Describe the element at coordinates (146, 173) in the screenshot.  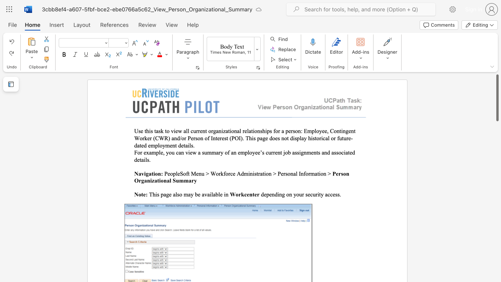
I see `the subset text "gation:" within the text "Navigation:"` at that location.